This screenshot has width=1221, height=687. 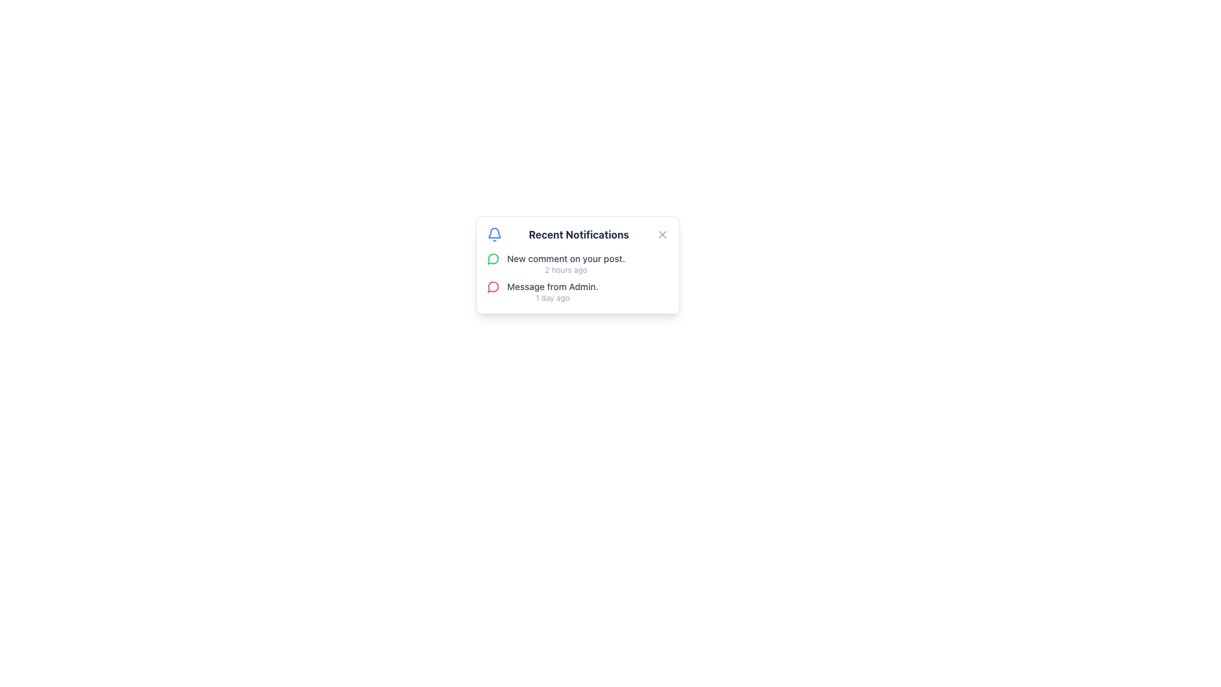 I want to click on the text label displaying '1 day ago', which is styled in gray and positioned below 'Message from Admin.', so click(x=553, y=298).